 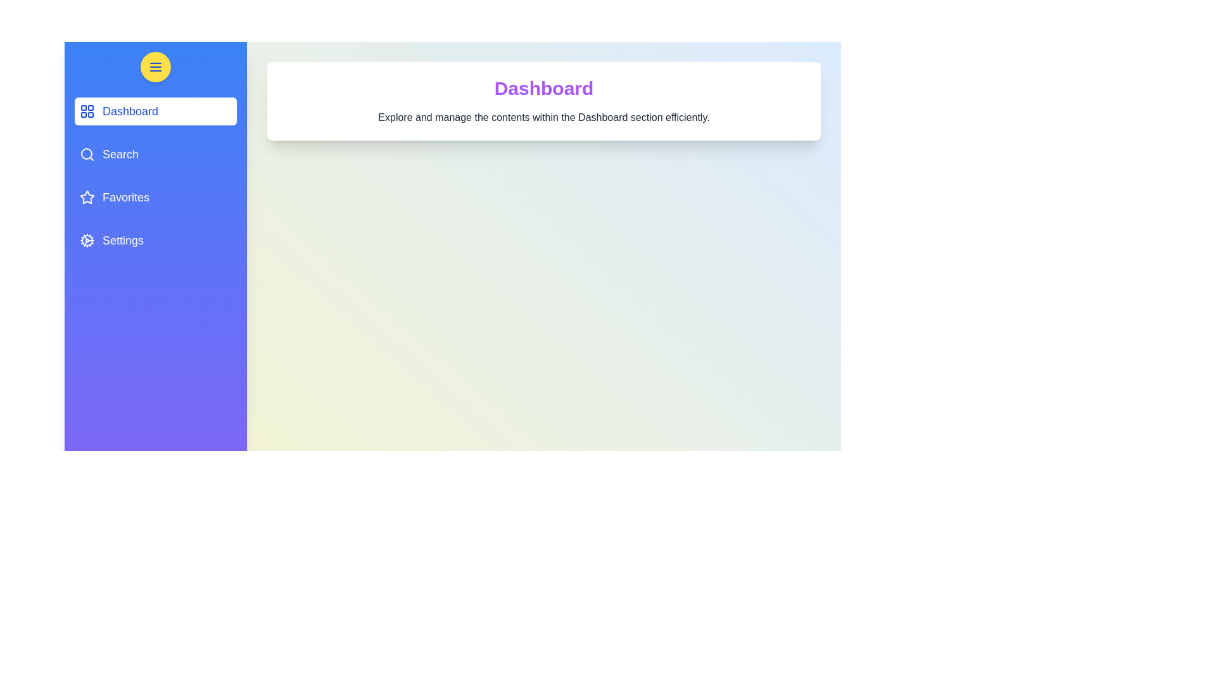 What do you see at coordinates (155, 241) in the screenshot?
I see `the navigation menu item corresponding to Settings` at bounding box center [155, 241].